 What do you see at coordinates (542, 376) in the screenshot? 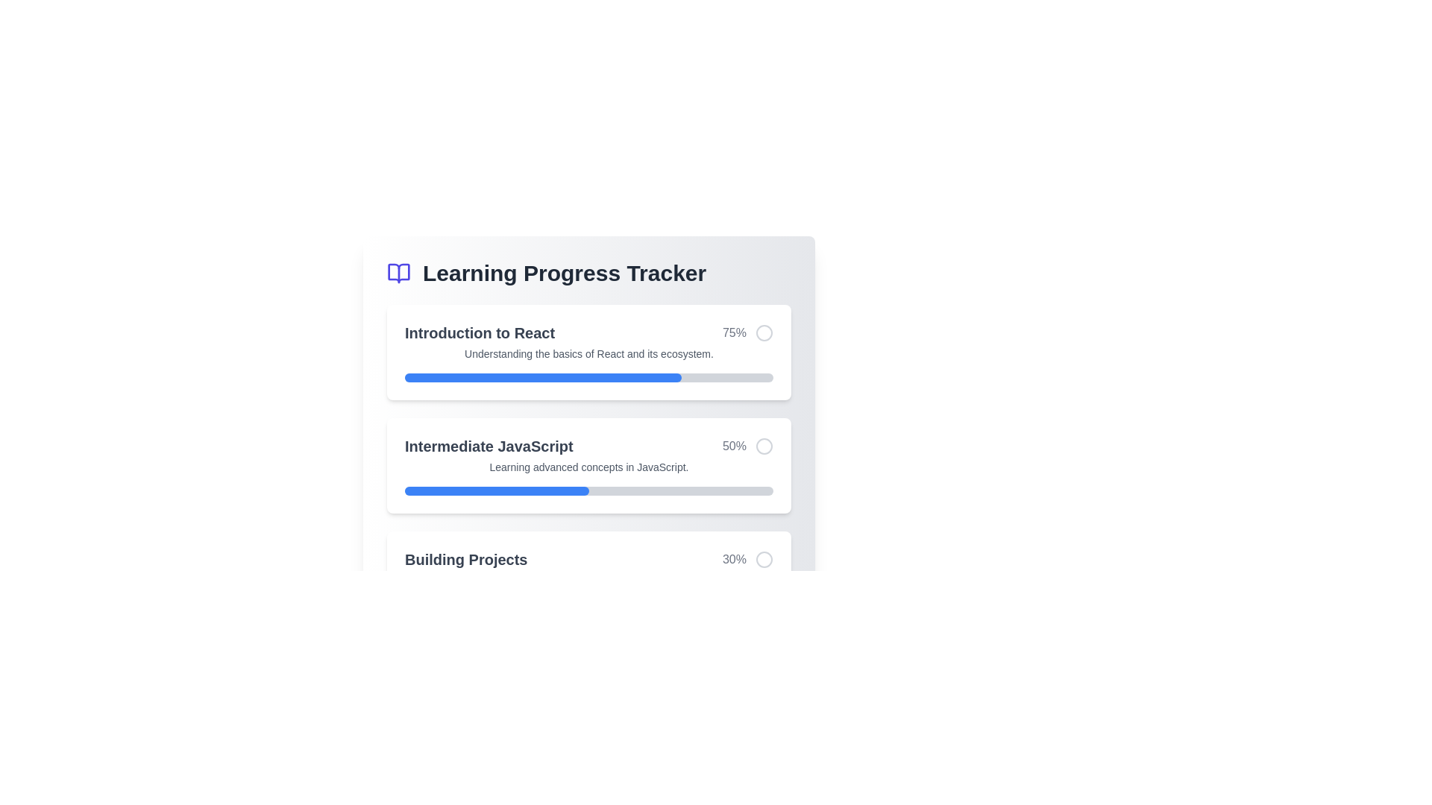
I see `the Progress bar fill indicating 75% completion of the 'Introduction to React' course in the 'Learning Progress Tracker' interface` at bounding box center [542, 376].